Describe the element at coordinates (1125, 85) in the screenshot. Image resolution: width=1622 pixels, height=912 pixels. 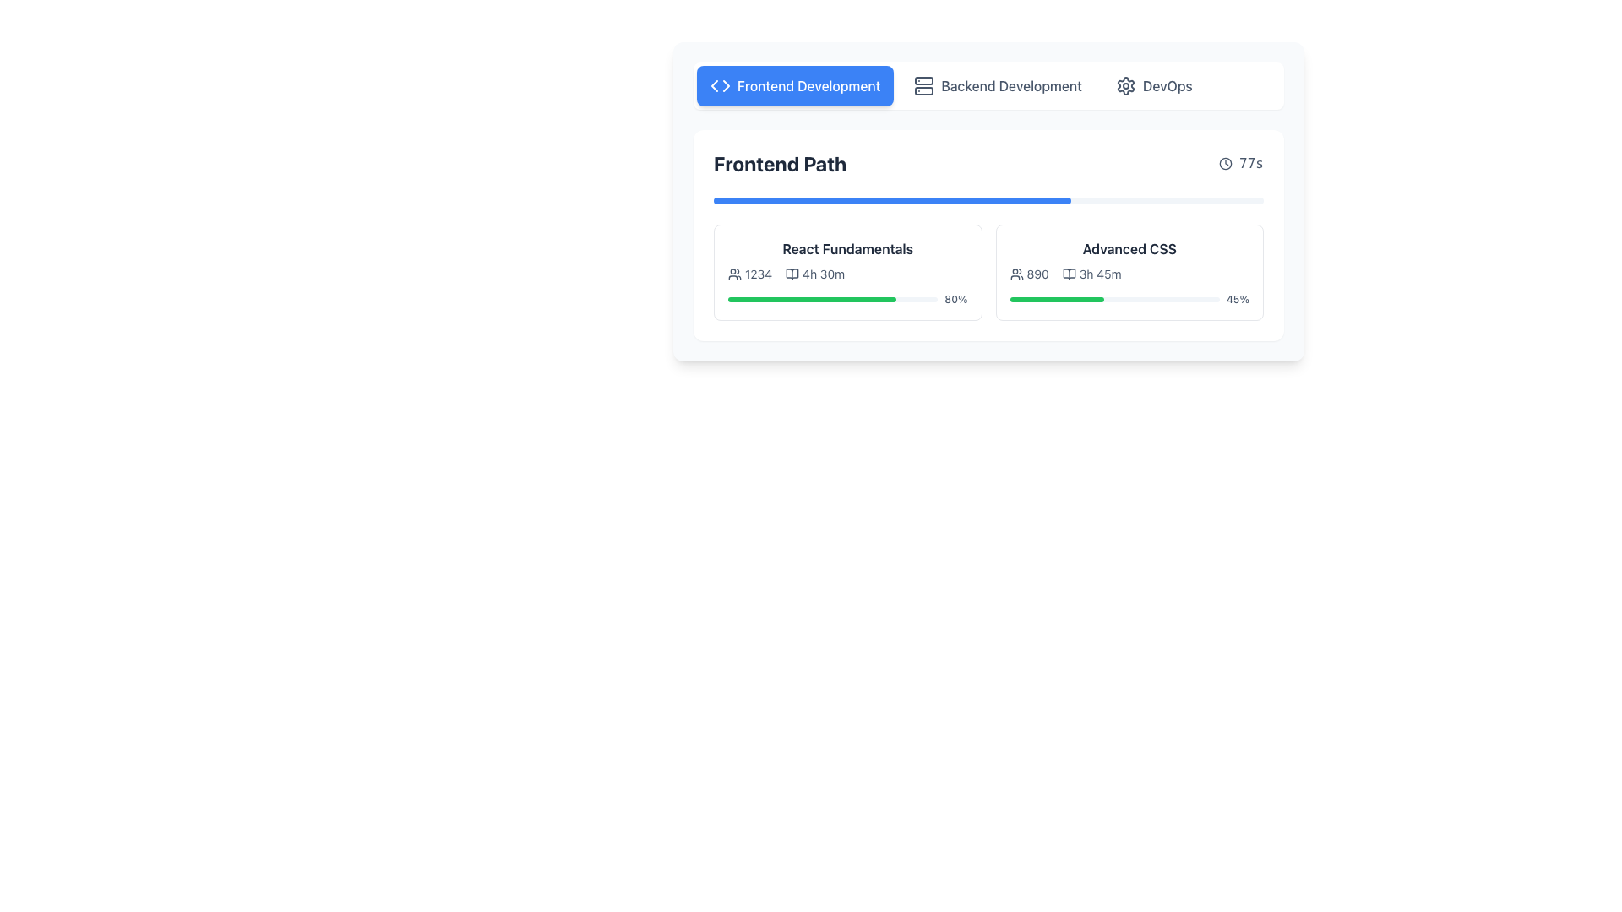
I see `the gear-shaped icon in the top-right corner of the card layout` at that location.